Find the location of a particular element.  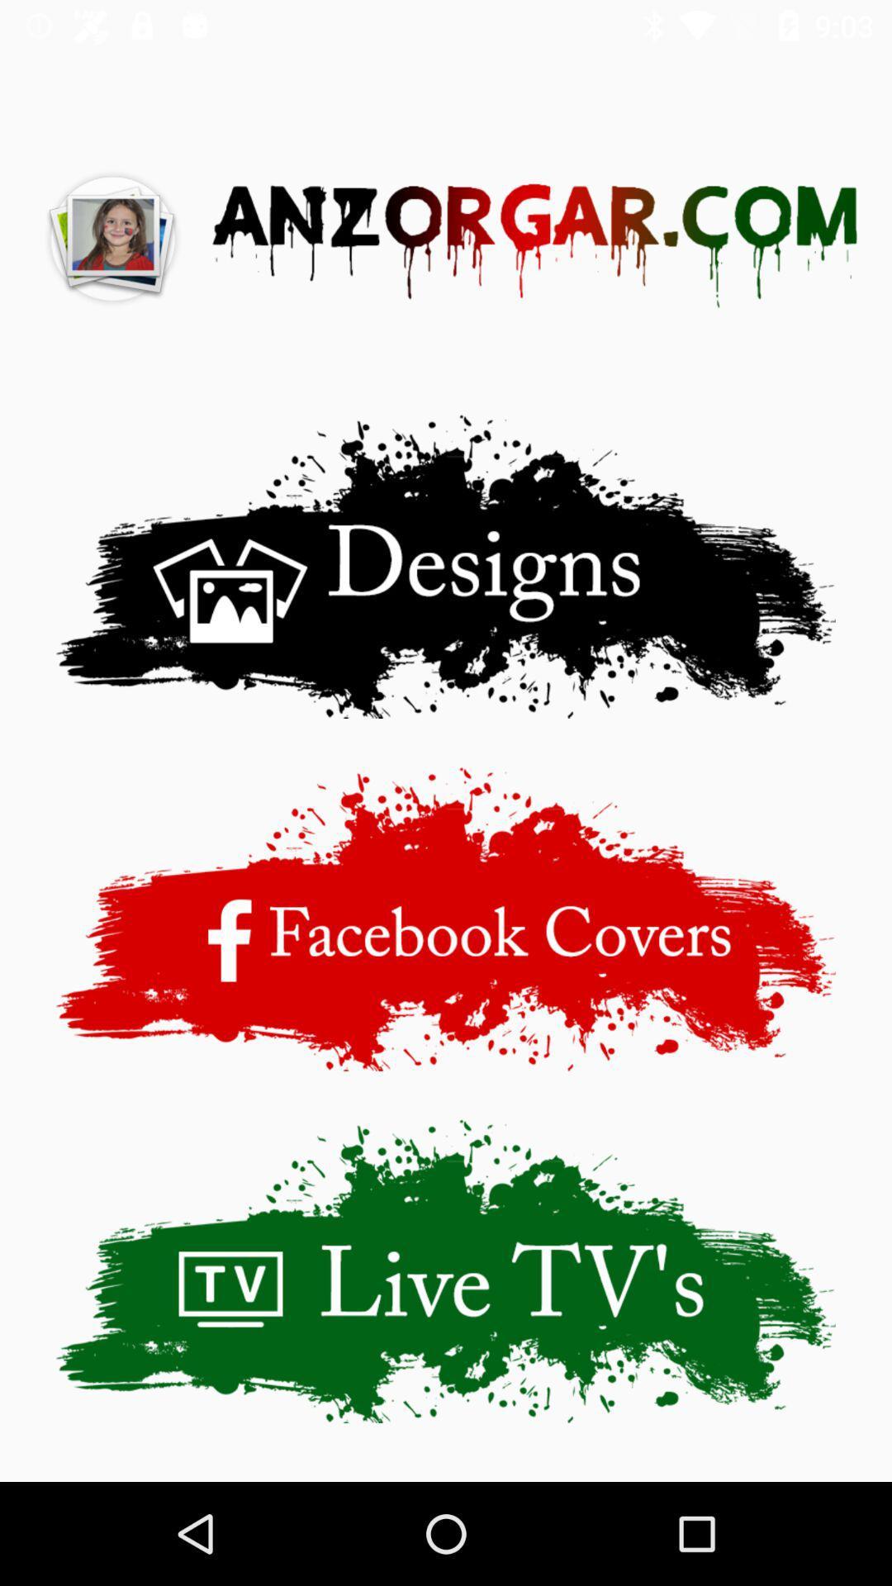

advertisement is located at coordinates (446, 918).